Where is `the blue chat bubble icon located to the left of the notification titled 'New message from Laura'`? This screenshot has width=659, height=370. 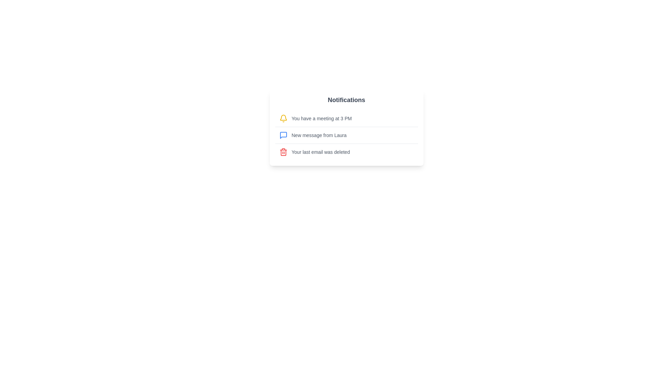 the blue chat bubble icon located to the left of the notification titled 'New message from Laura' is located at coordinates (283, 135).